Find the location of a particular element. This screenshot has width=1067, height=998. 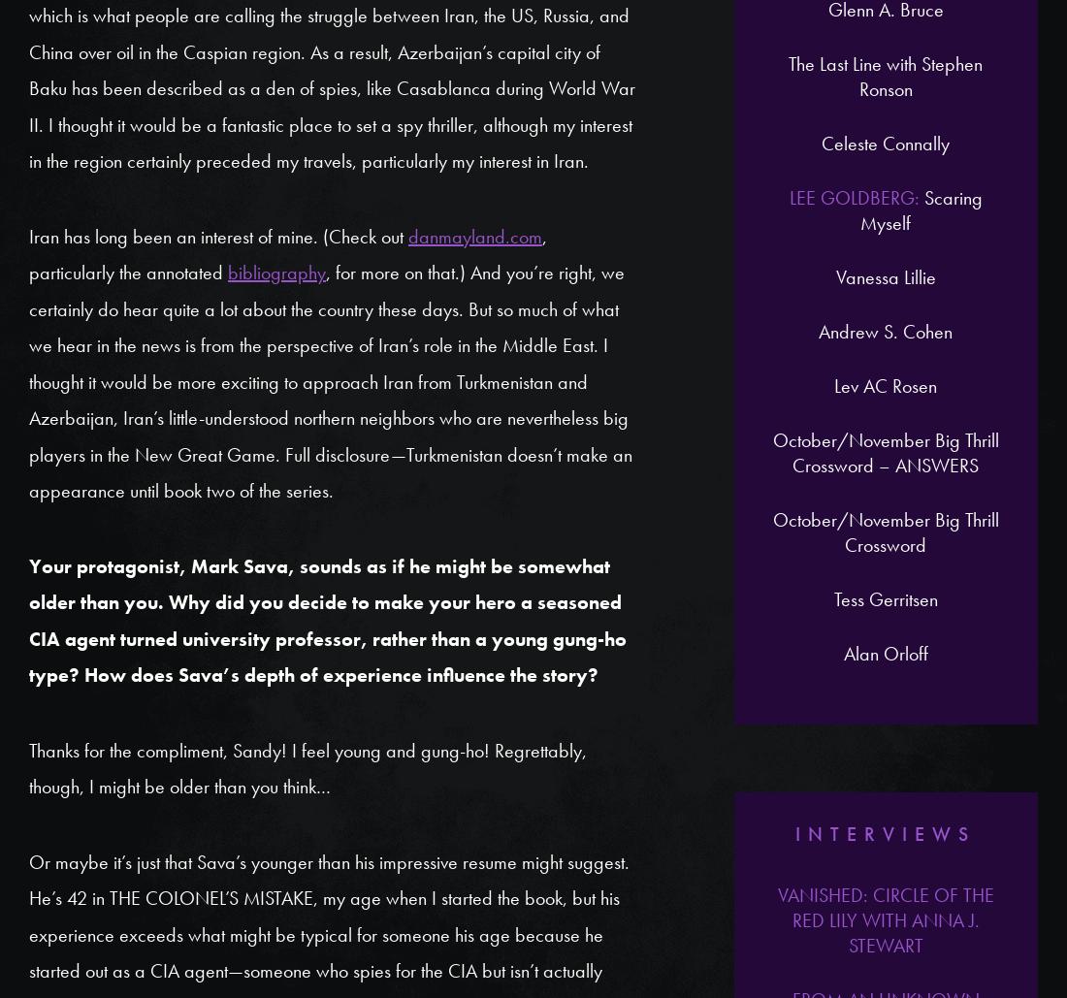

'Discover' is located at coordinates (532, 90).